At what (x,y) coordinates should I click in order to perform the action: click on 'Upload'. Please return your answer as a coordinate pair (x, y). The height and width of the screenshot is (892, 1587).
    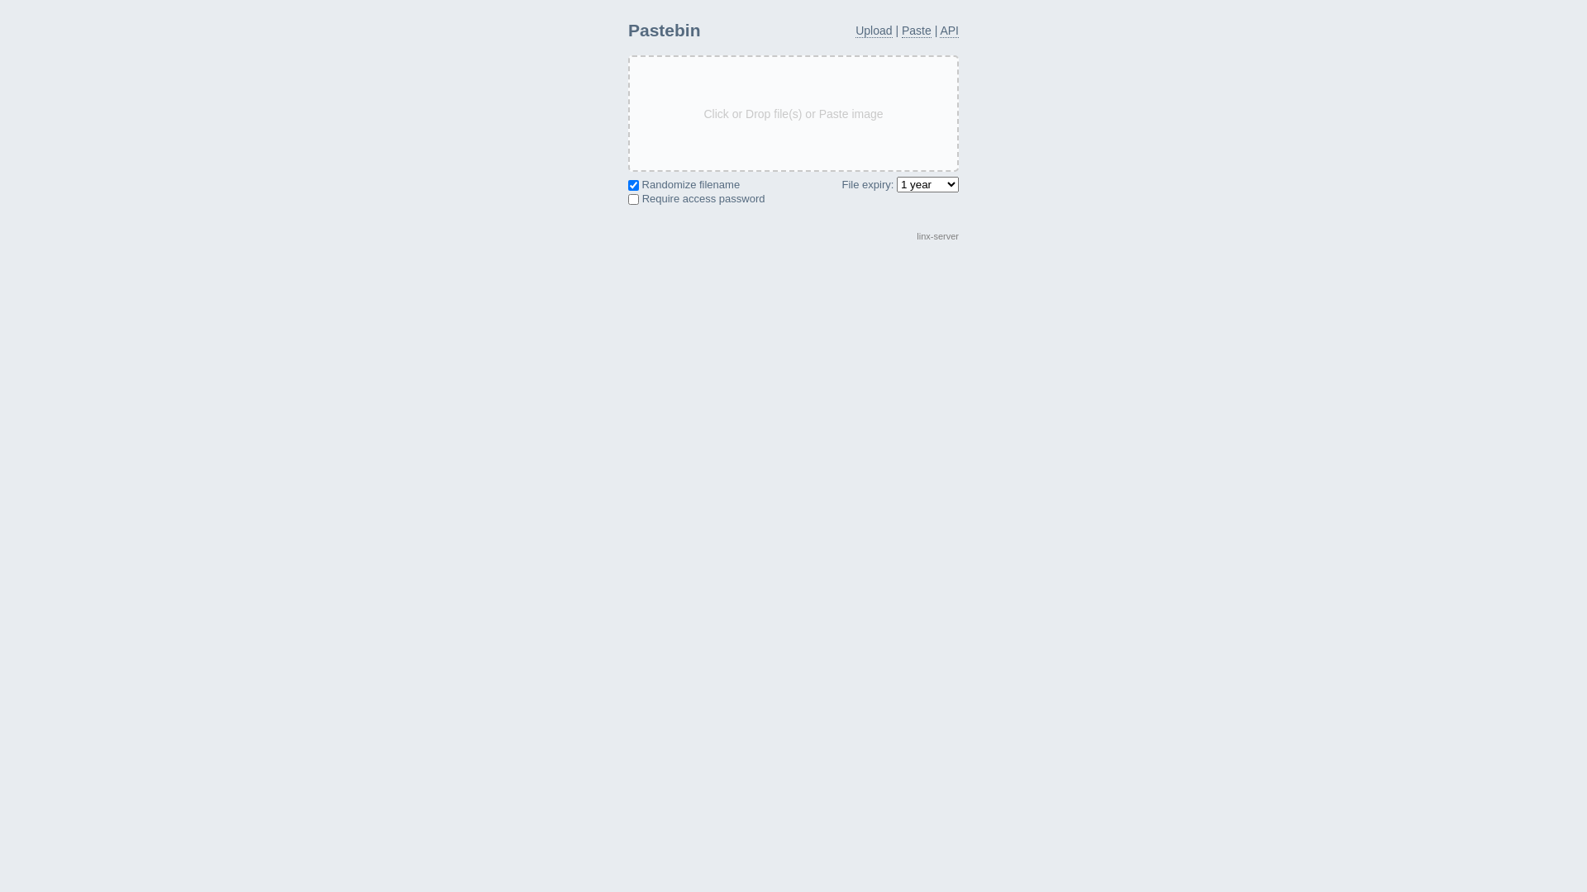
    Looking at the image, I should click on (855, 31).